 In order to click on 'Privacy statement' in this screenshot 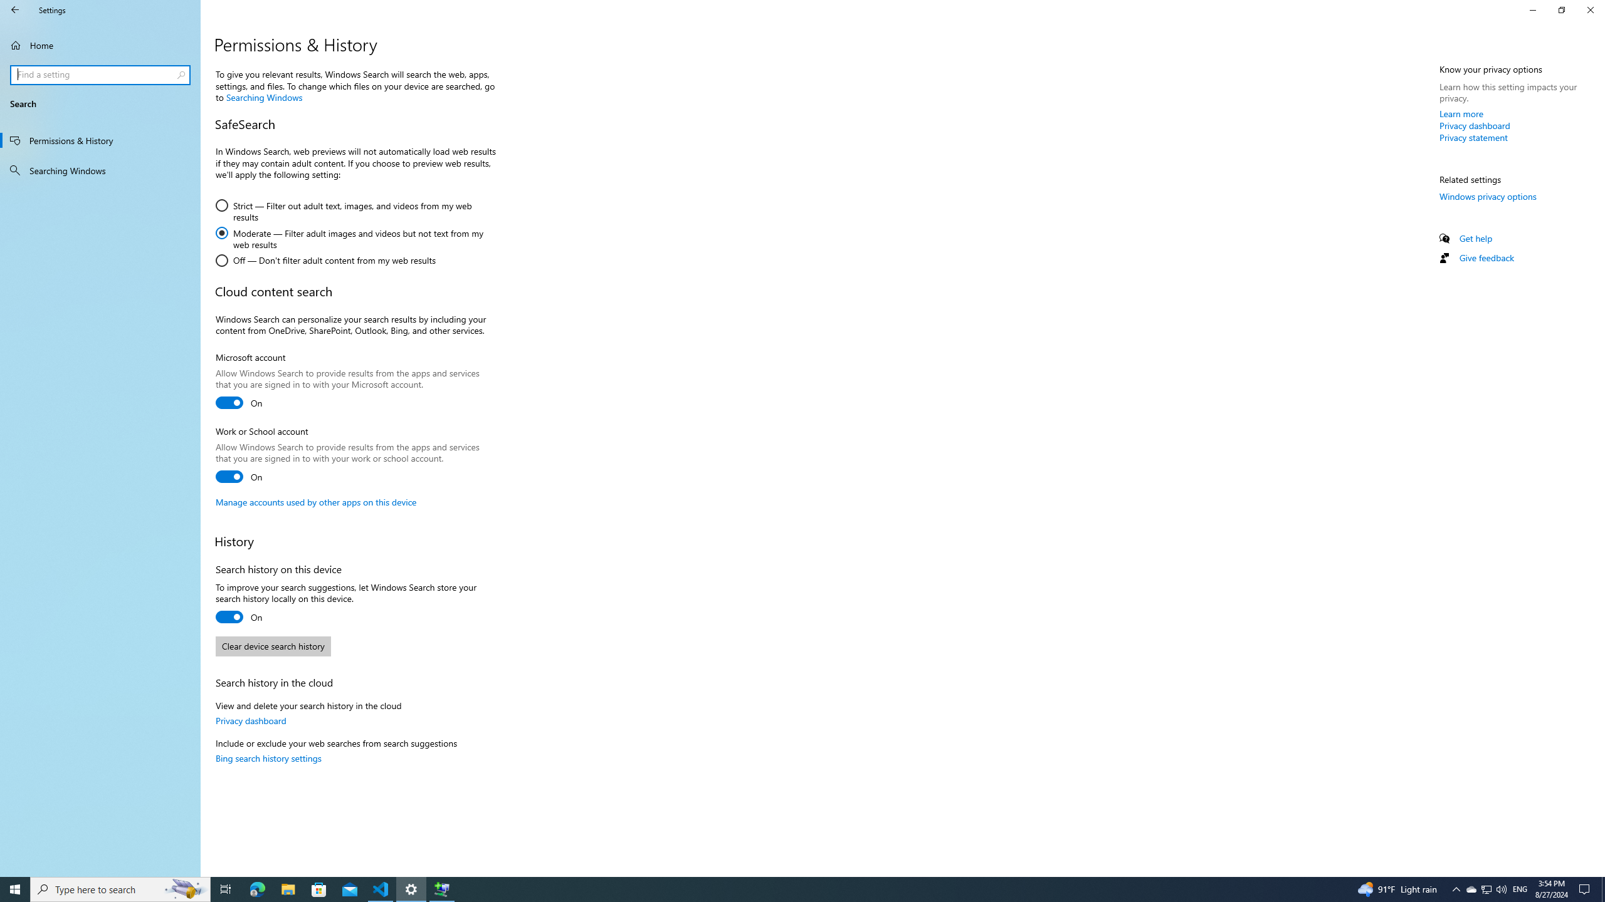, I will do `click(1473, 137)`.